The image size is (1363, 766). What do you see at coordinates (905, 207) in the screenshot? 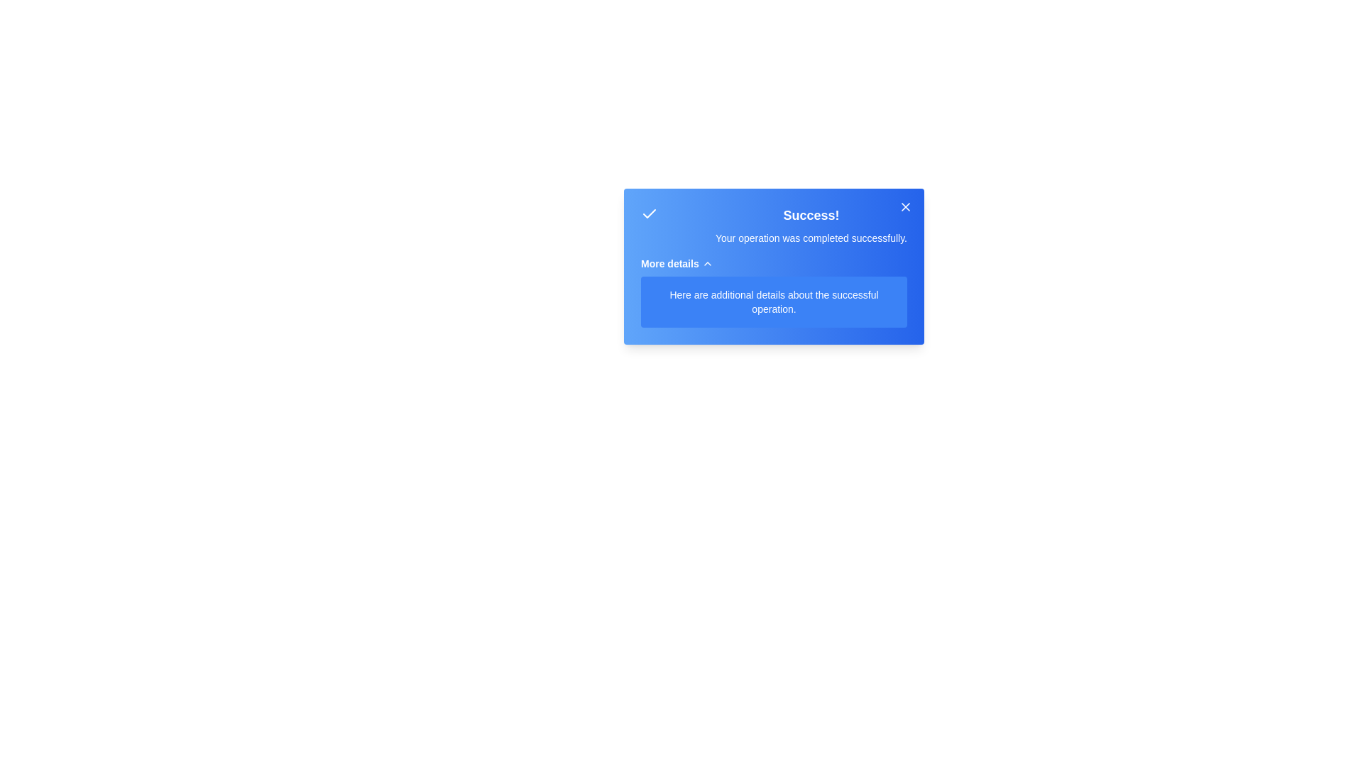
I see `the close button to close the alert` at bounding box center [905, 207].